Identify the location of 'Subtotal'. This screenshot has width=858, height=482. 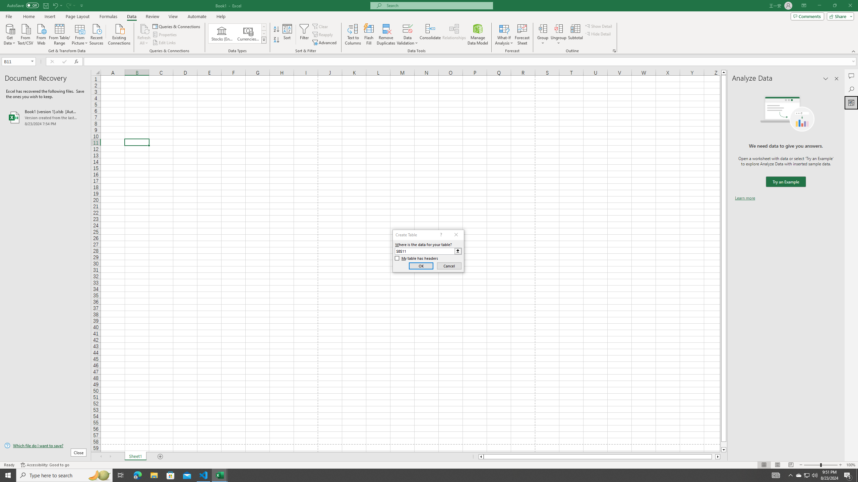
(575, 34).